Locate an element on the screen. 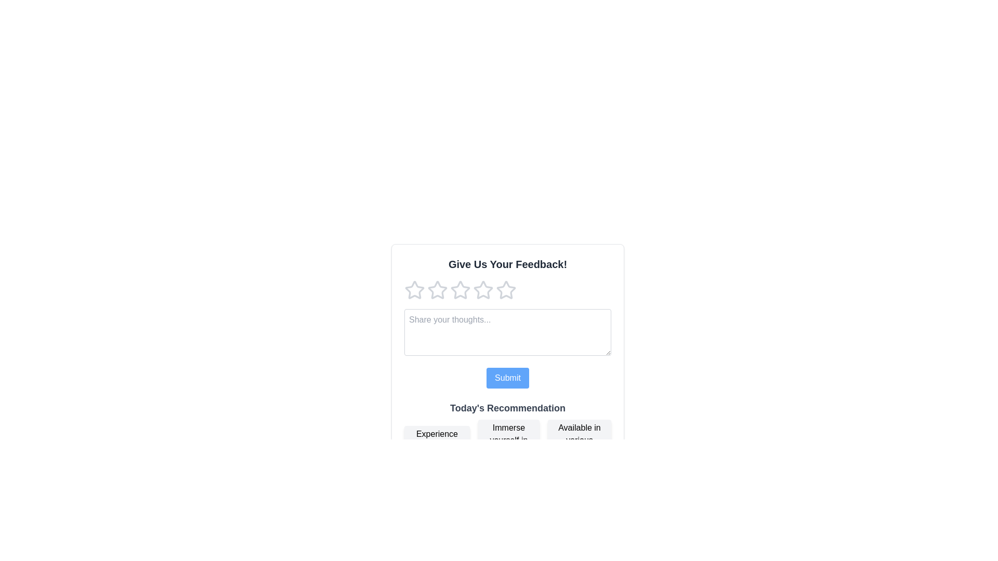 The image size is (998, 561). the first hollow gray star in the rating interface is located at coordinates (437, 290).